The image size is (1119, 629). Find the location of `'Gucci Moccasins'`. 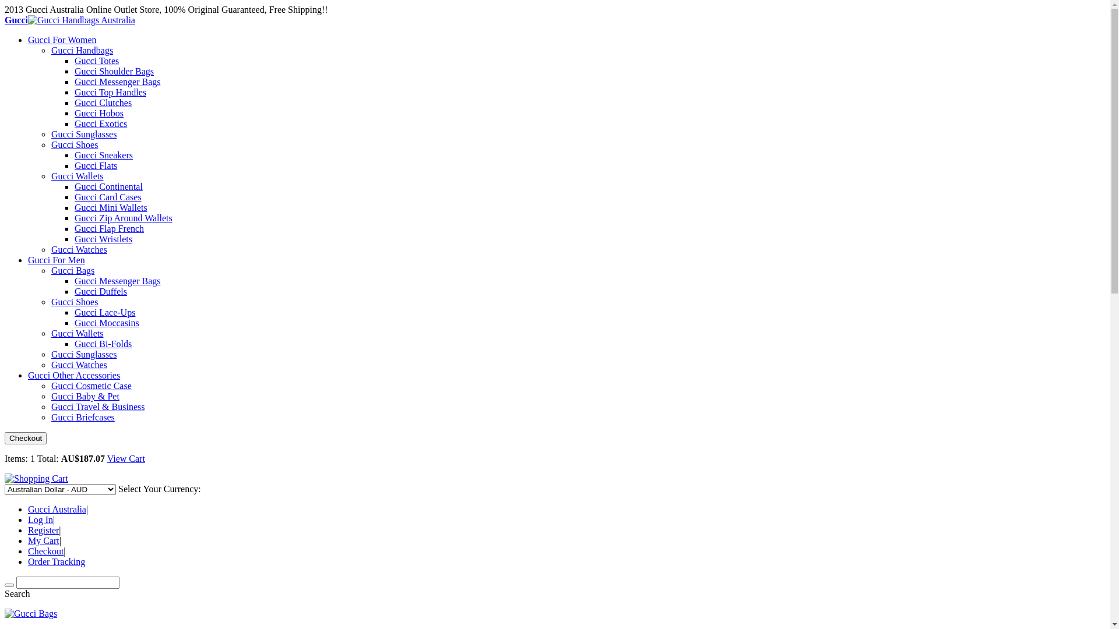

'Gucci Moccasins' is located at coordinates (107, 323).